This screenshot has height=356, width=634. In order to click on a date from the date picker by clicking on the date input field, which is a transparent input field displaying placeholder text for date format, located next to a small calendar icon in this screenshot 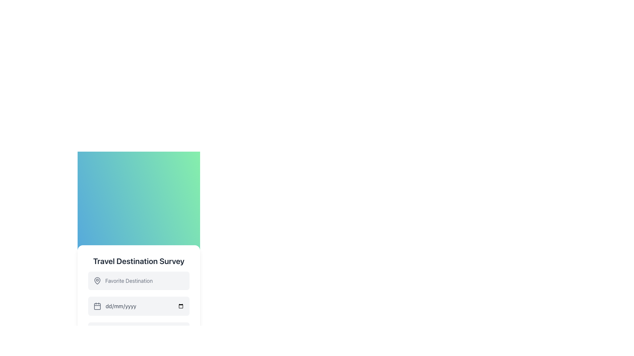, I will do `click(144, 306)`.